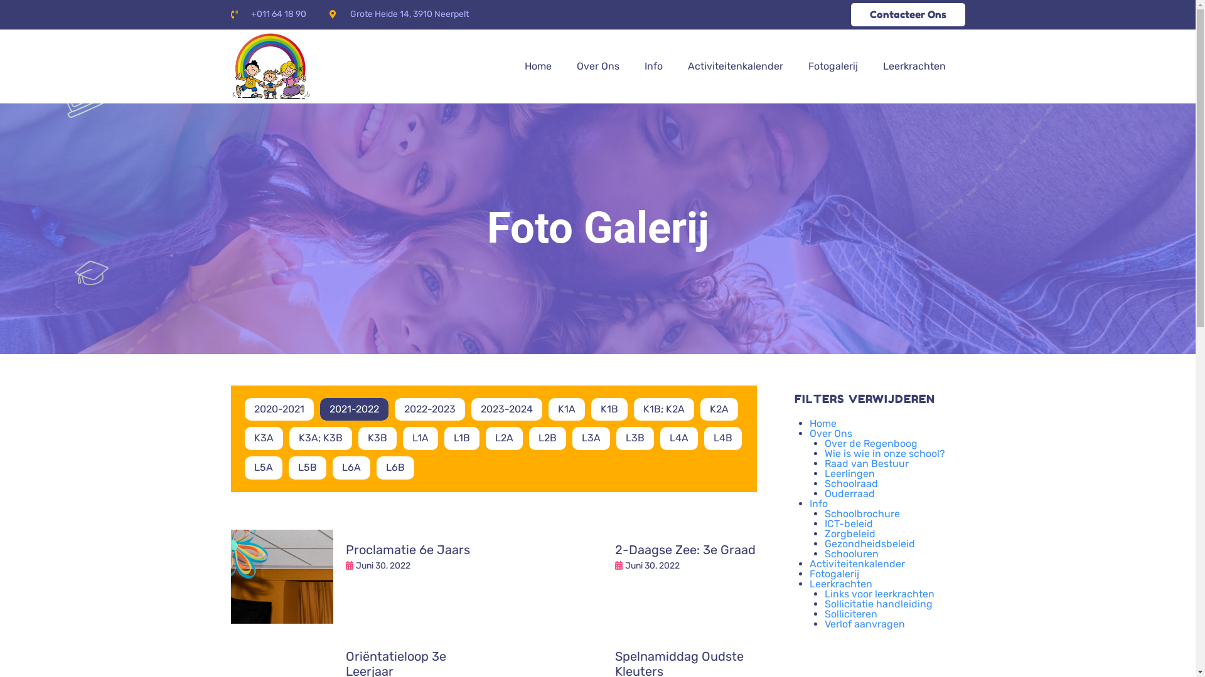  Describe the element at coordinates (355, 565) in the screenshot. I see `'Juni 30, 2022'` at that location.